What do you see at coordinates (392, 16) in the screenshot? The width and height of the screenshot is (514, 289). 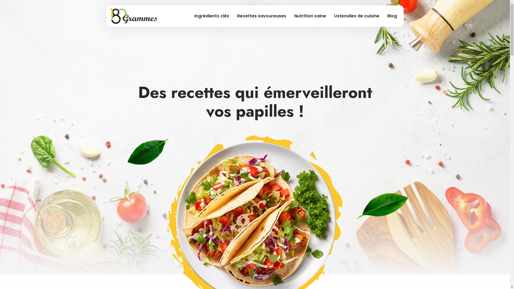 I see `'Blog'` at bounding box center [392, 16].